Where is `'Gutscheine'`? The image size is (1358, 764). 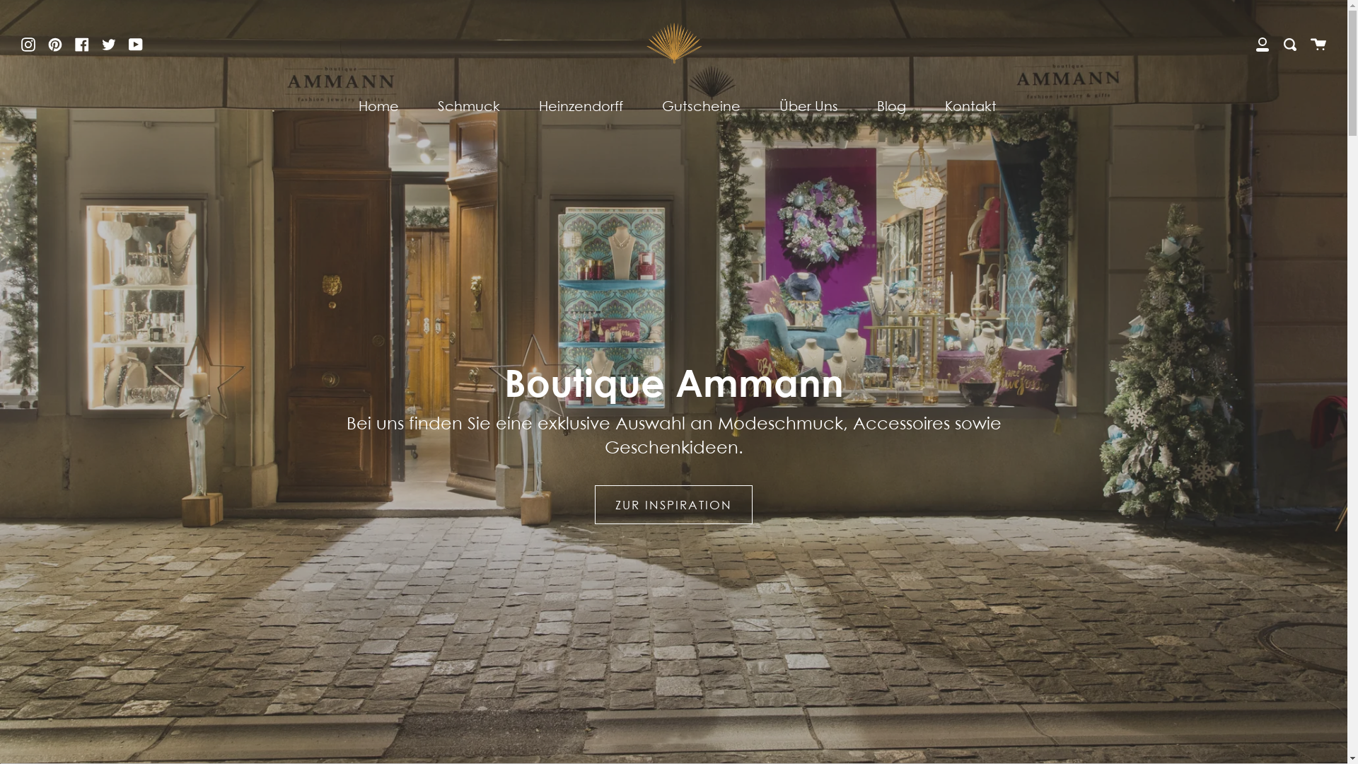
'Gutscheine' is located at coordinates (700, 105).